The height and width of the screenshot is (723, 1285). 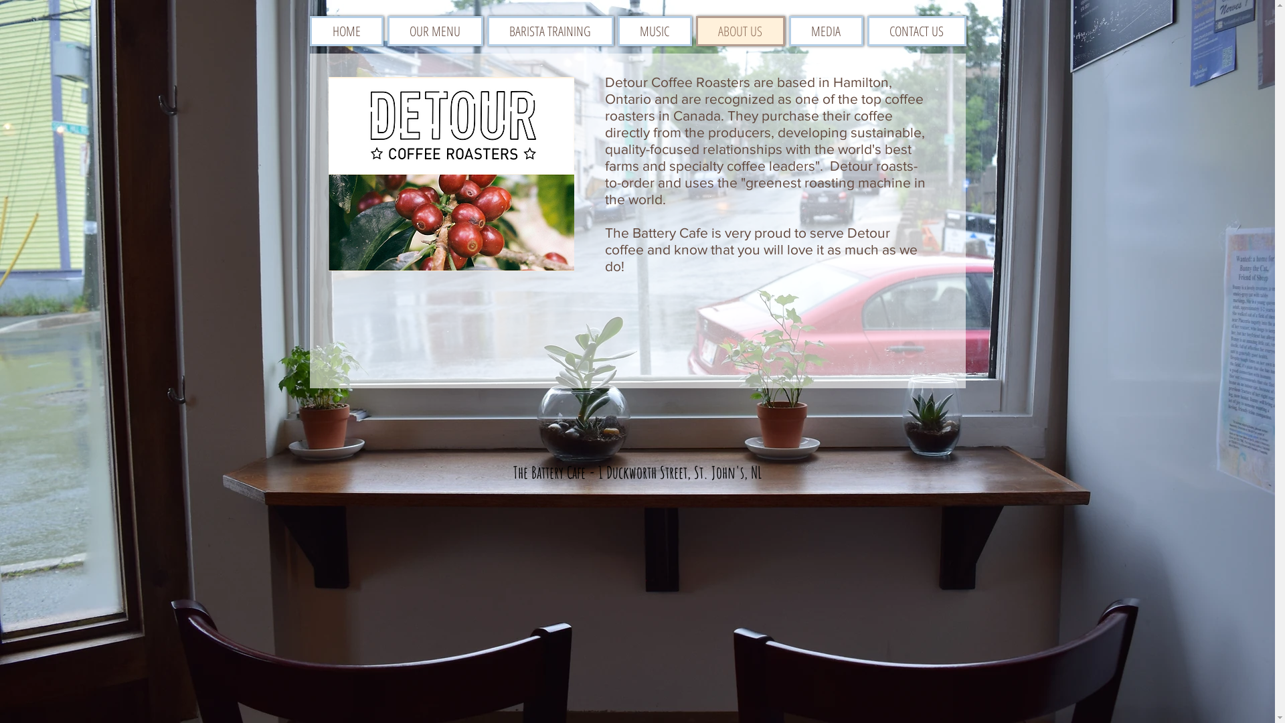 What do you see at coordinates (434, 30) in the screenshot?
I see `'OUR MENU'` at bounding box center [434, 30].